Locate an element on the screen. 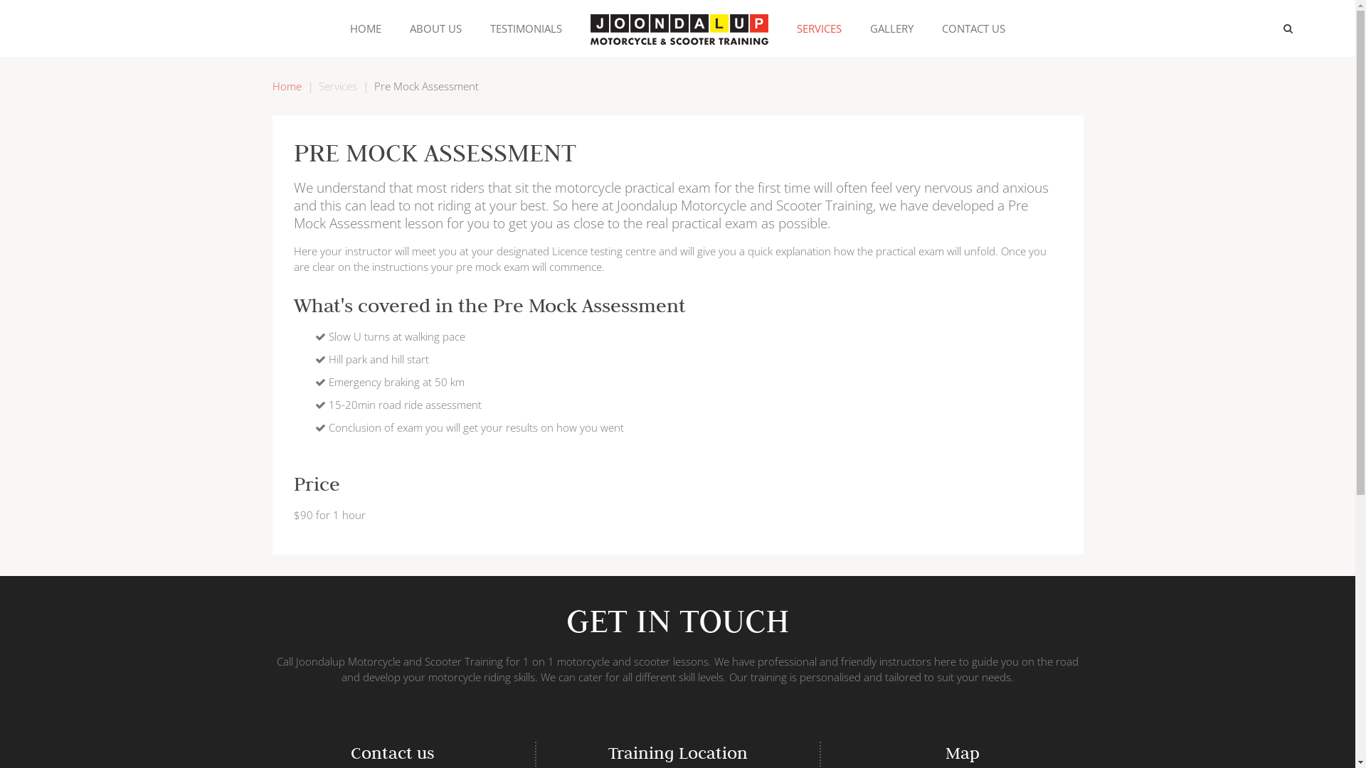 The height and width of the screenshot is (768, 1366). 'CONTACT US' is located at coordinates (973, 28).